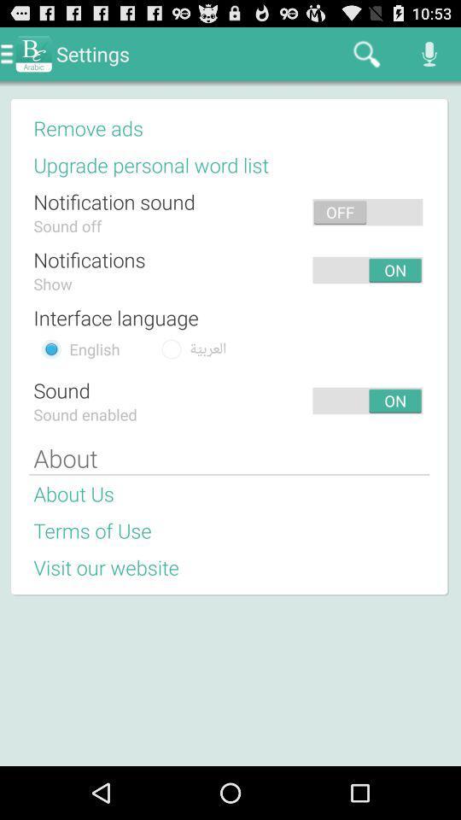  I want to click on item to the right of the notifications app, so click(228, 270).